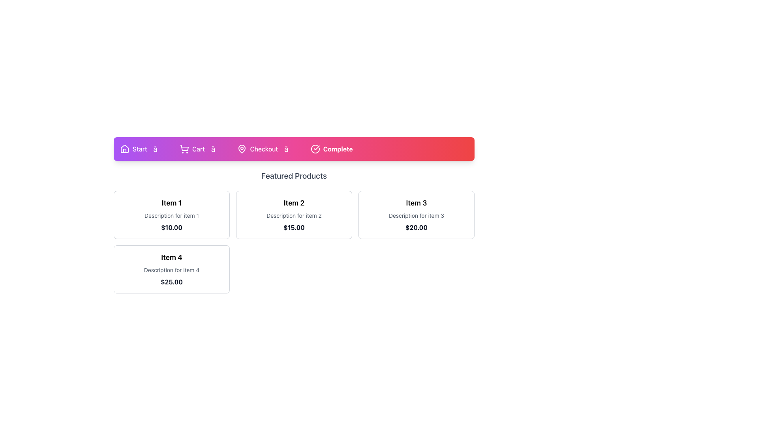 The image size is (758, 426). Describe the element at coordinates (171, 216) in the screenshot. I see `the informational text label that serves as a subheading for 'Item 1', positioned directly beneath 'Item 1' and above the price label '$10.00'` at that location.